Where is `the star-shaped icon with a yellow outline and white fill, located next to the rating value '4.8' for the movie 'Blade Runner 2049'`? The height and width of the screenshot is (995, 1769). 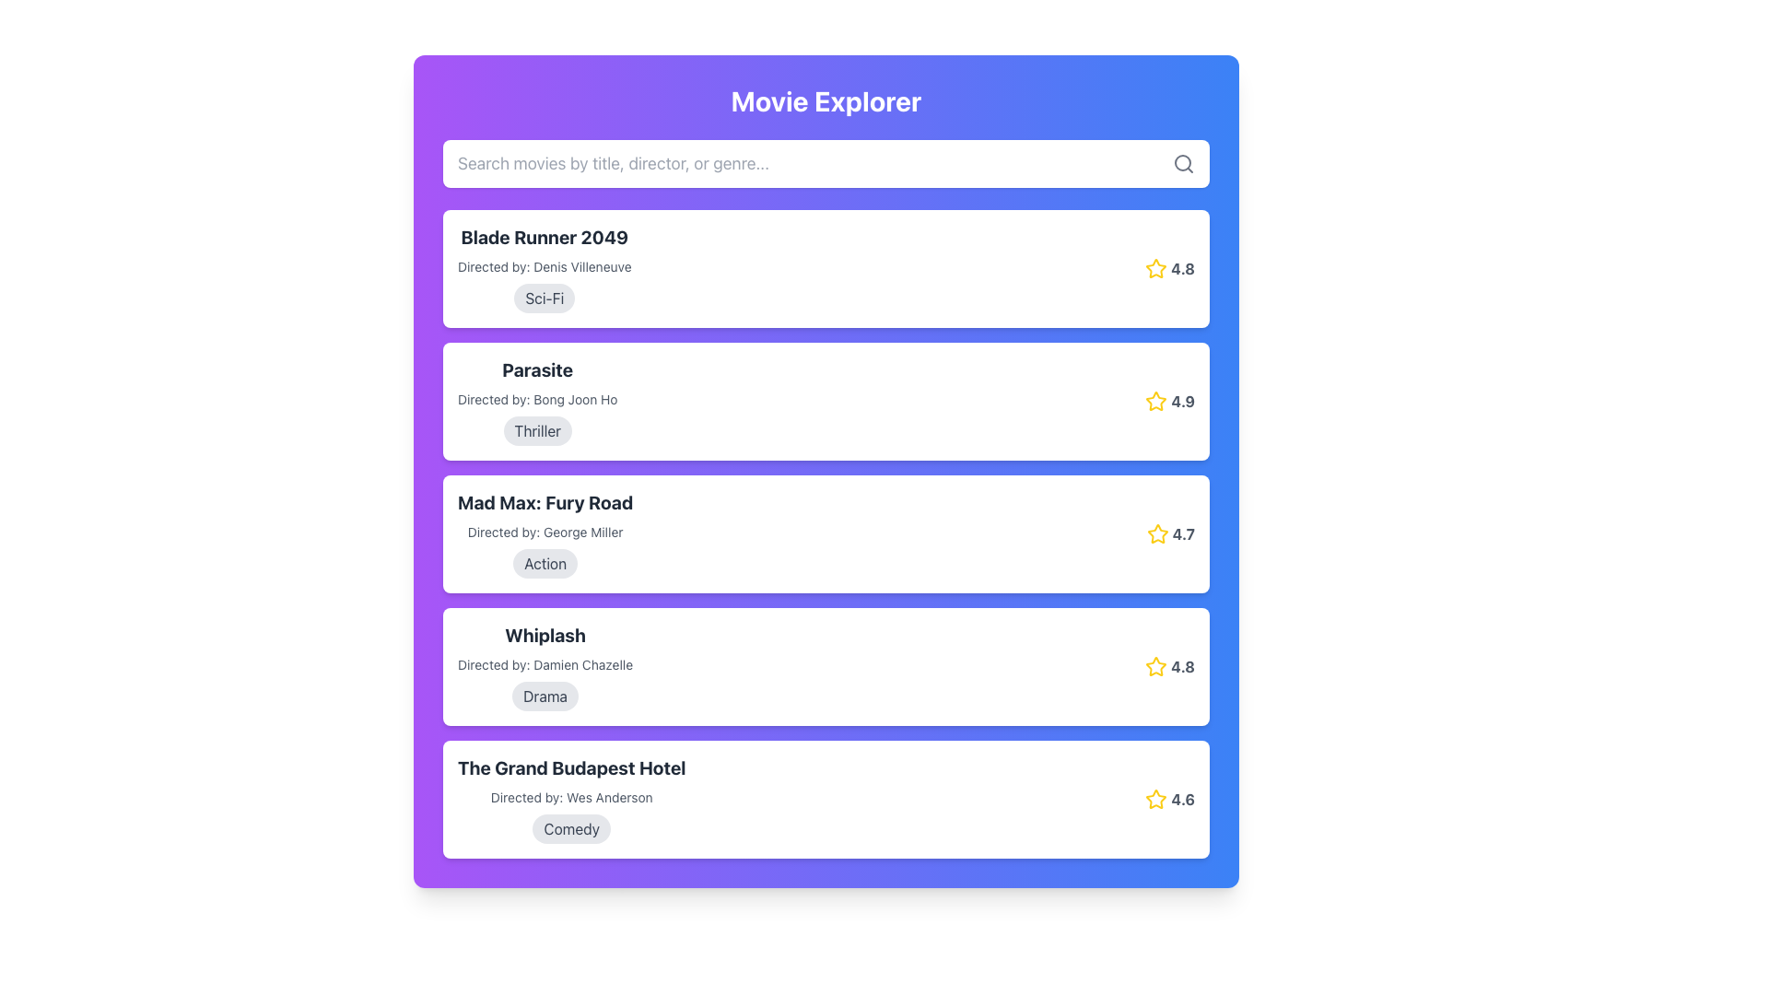 the star-shaped icon with a yellow outline and white fill, located next to the rating value '4.8' for the movie 'Blade Runner 2049' is located at coordinates (1155, 268).